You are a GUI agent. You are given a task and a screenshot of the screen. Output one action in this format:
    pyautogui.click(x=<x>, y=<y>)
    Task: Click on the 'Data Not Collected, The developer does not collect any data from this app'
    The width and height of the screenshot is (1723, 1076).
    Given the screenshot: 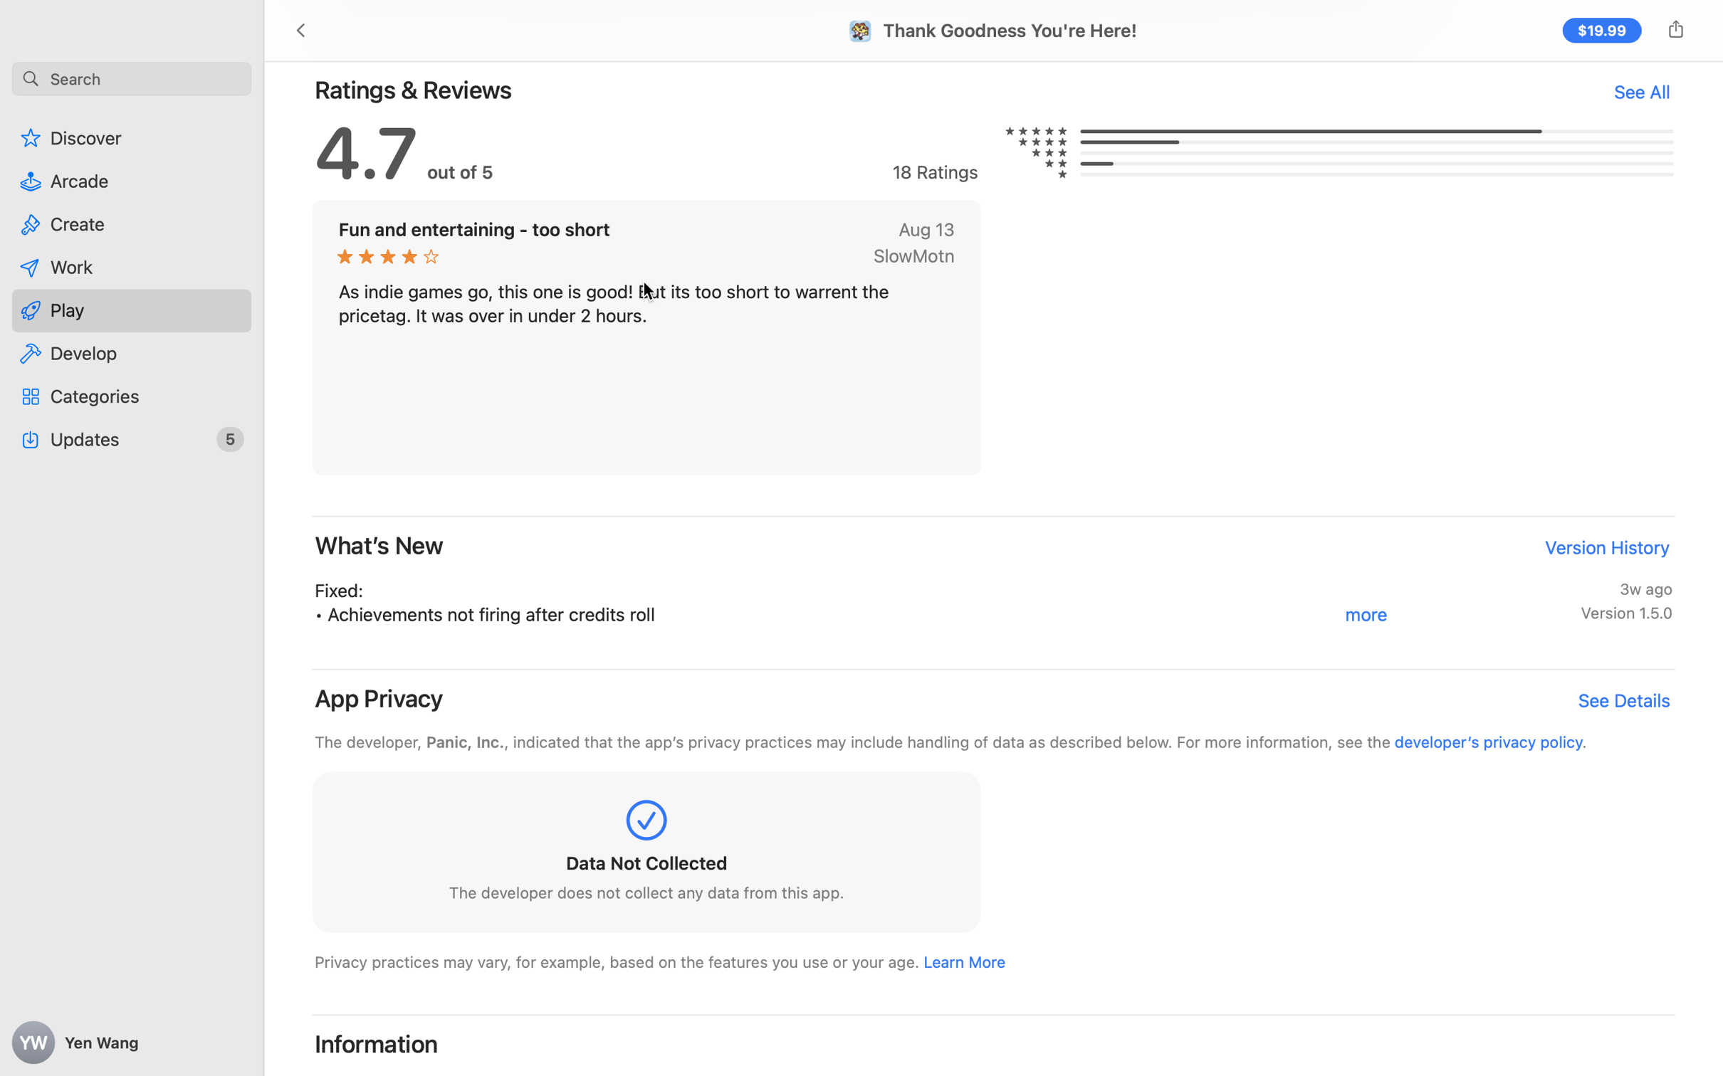 What is the action you would take?
    pyautogui.click(x=646, y=855)
    